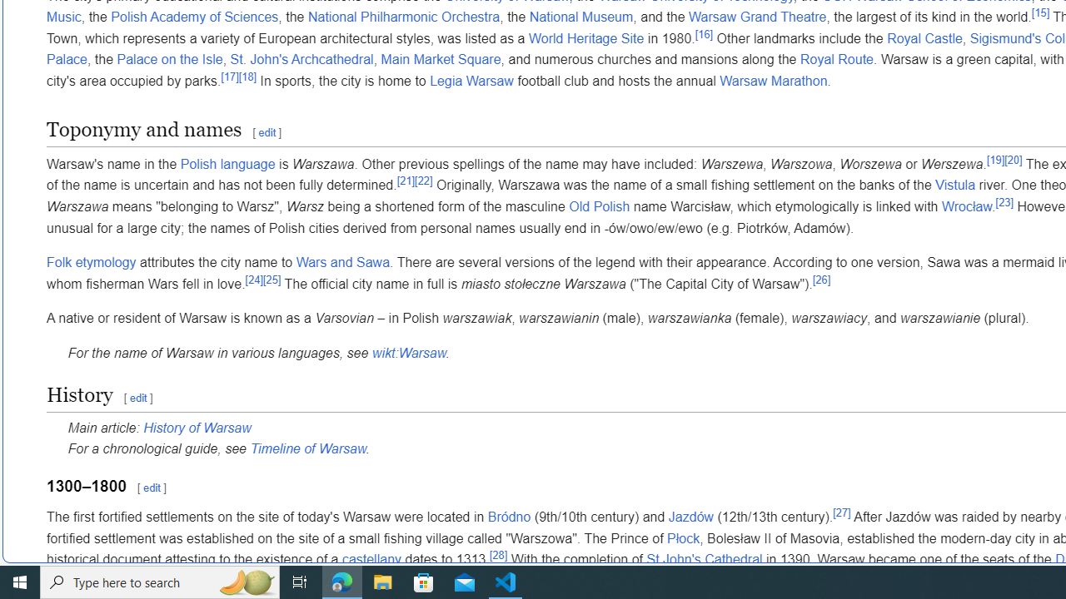  What do you see at coordinates (253, 279) in the screenshot?
I see `'[24]'` at bounding box center [253, 279].